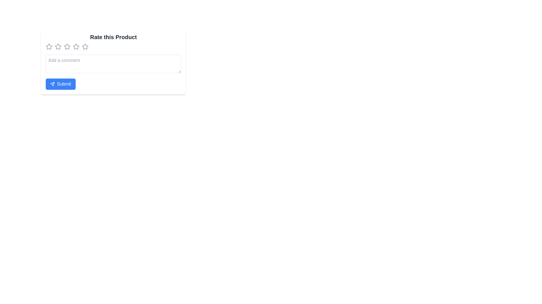  What do you see at coordinates (49, 46) in the screenshot?
I see `the first star in the 5-star rating system` at bounding box center [49, 46].